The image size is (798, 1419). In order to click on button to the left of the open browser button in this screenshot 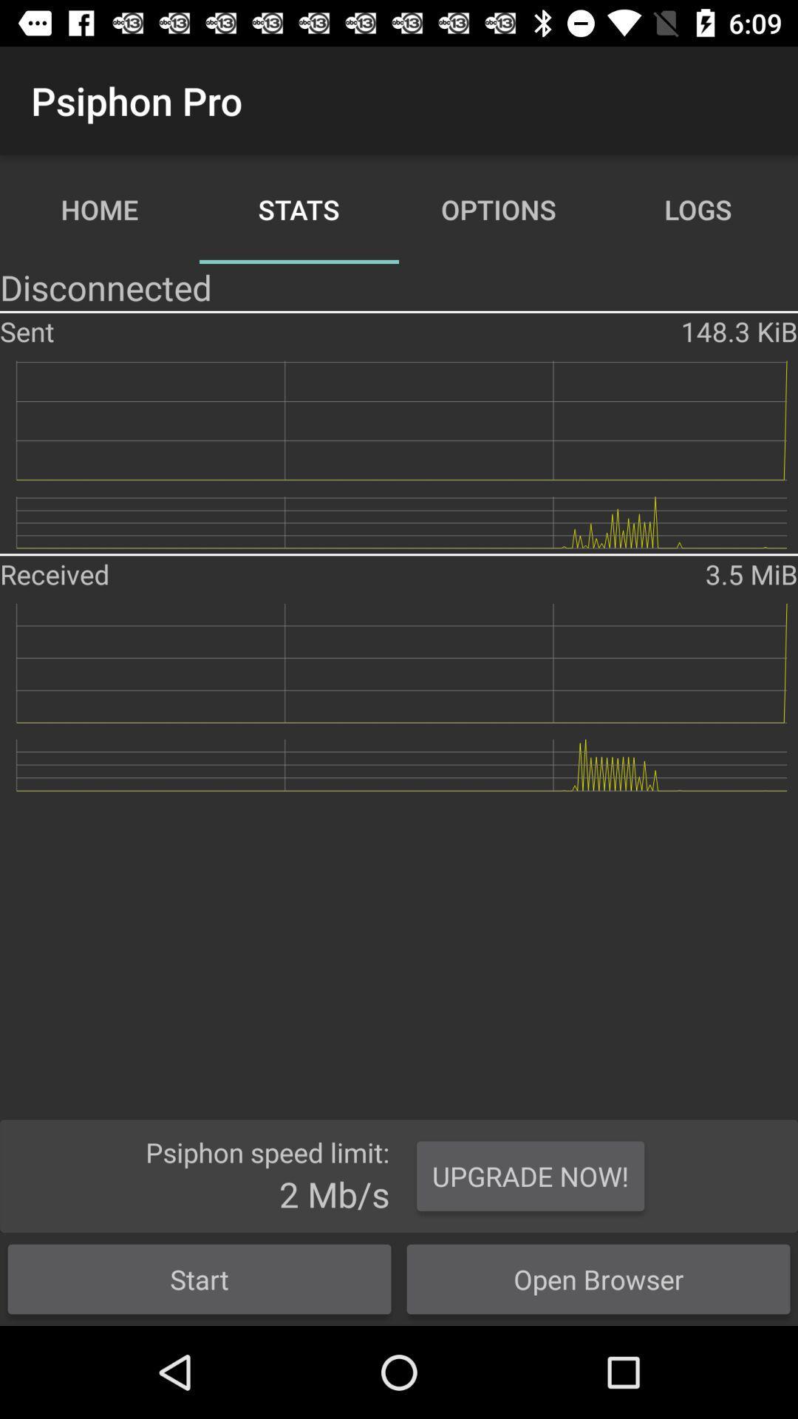, I will do `click(199, 1279)`.